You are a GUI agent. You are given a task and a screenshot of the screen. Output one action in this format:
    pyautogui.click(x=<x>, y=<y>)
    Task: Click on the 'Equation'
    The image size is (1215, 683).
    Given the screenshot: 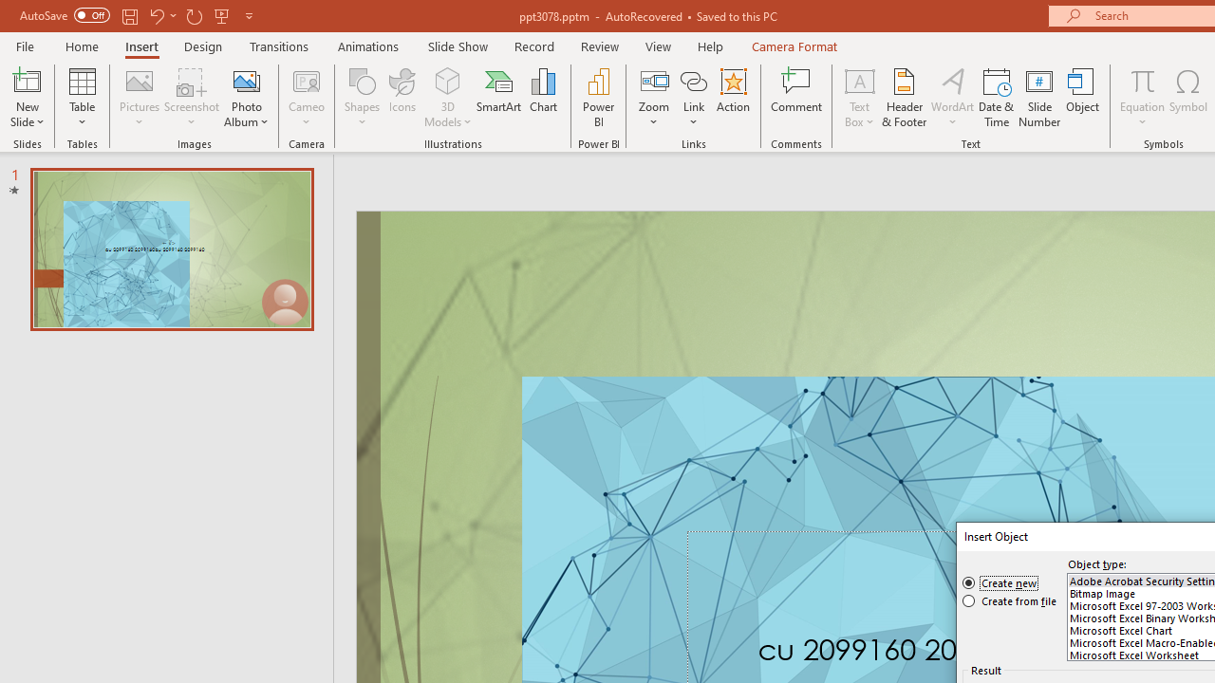 What is the action you would take?
    pyautogui.click(x=1141, y=98)
    